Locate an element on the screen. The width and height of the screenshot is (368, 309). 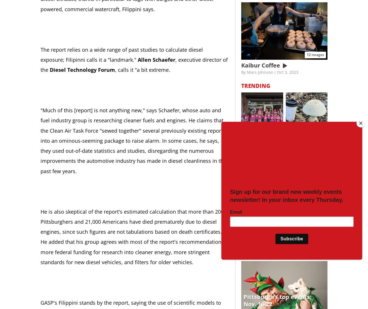
'12 images' is located at coordinates (315, 54).